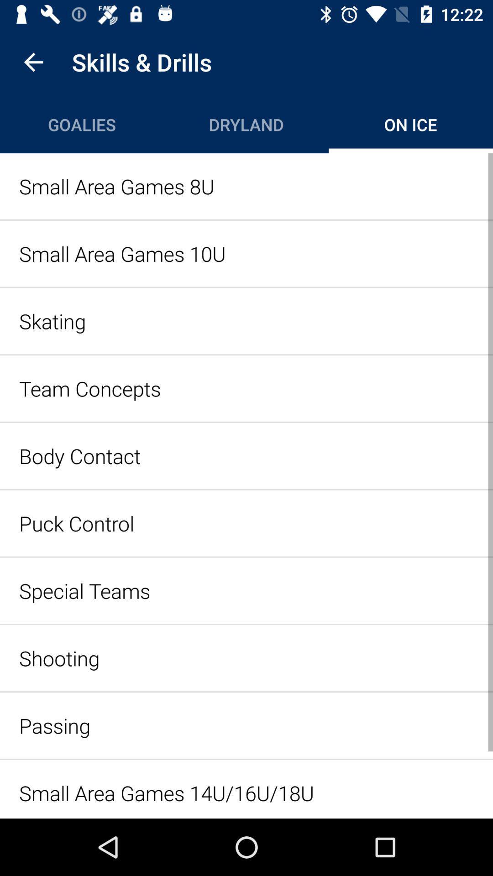 This screenshot has width=493, height=876. Describe the element at coordinates (246, 725) in the screenshot. I see `icon below shooting icon` at that location.